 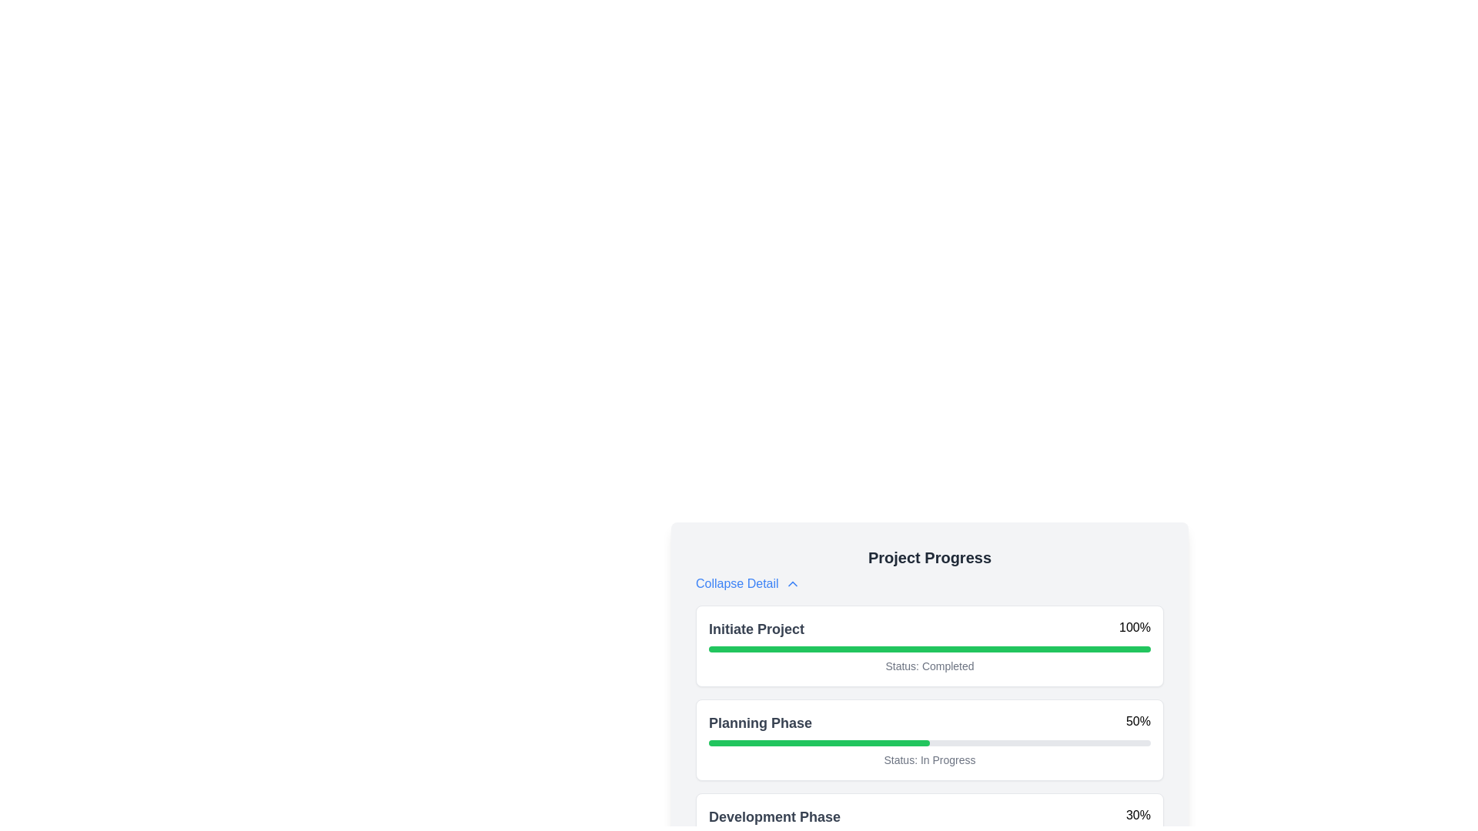 What do you see at coordinates (774, 816) in the screenshot?
I see `the non-interactive text label indicating the specific development phase of the project located in the 'Project Progress' section, below 'Planning Phase' and to the left of the '30%' progress indicator` at bounding box center [774, 816].